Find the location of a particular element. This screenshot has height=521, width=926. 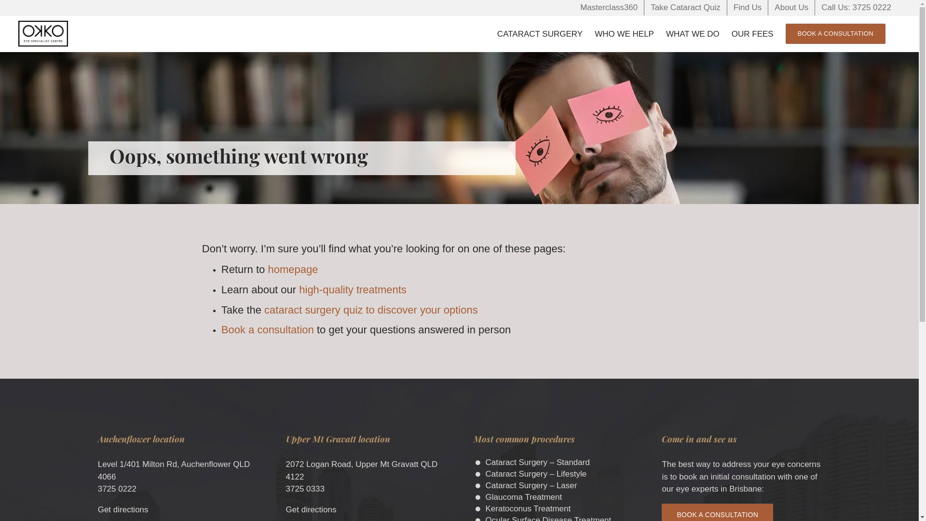

'Take Cataract Quiz' is located at coordinates (644, 7).